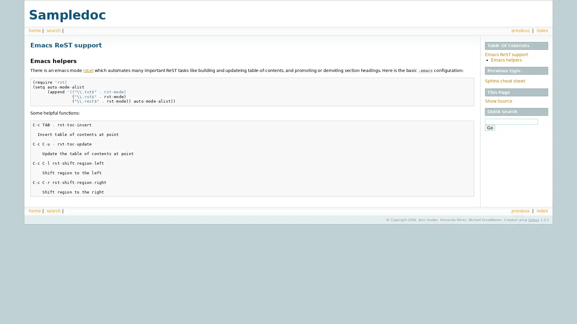 This screenshot has width=577, height=324. I want to click on Go, so click(490, 127).